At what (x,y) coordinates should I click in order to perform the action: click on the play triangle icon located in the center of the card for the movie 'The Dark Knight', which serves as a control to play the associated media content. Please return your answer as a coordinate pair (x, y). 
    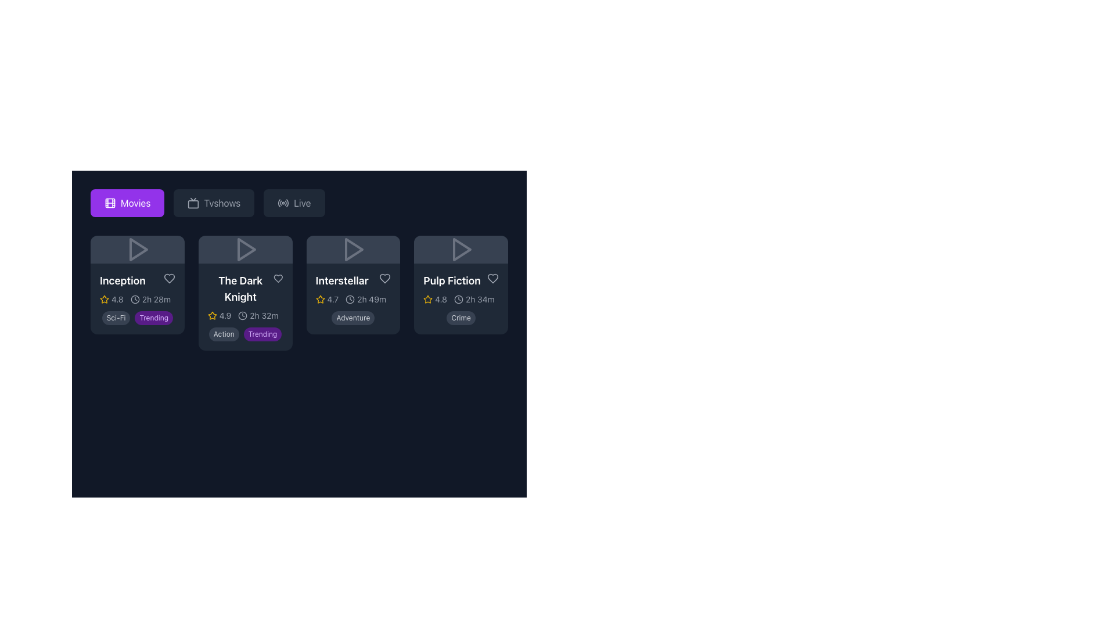
    Looking at the image, I should click on (244, 248).